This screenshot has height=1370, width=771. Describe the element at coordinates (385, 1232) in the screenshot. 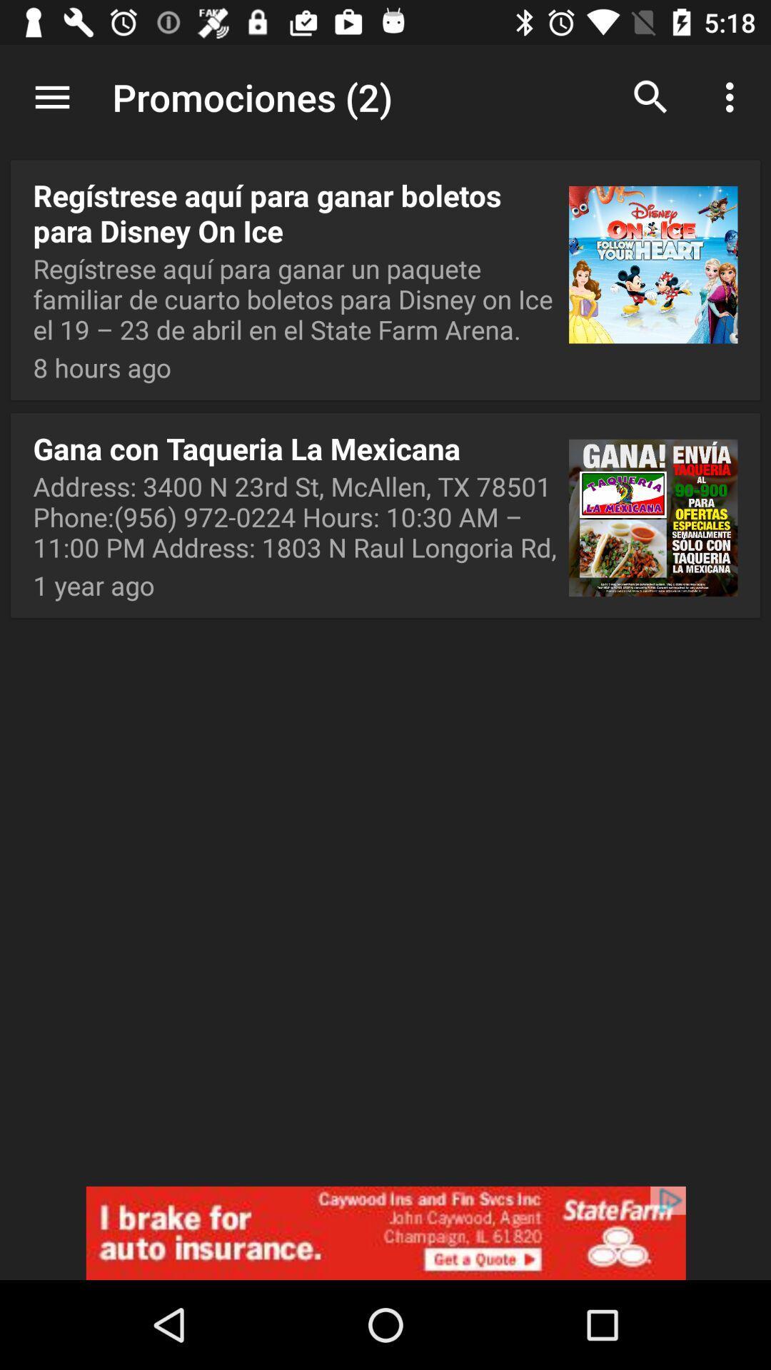

I see `adverdisment notification` at that location.